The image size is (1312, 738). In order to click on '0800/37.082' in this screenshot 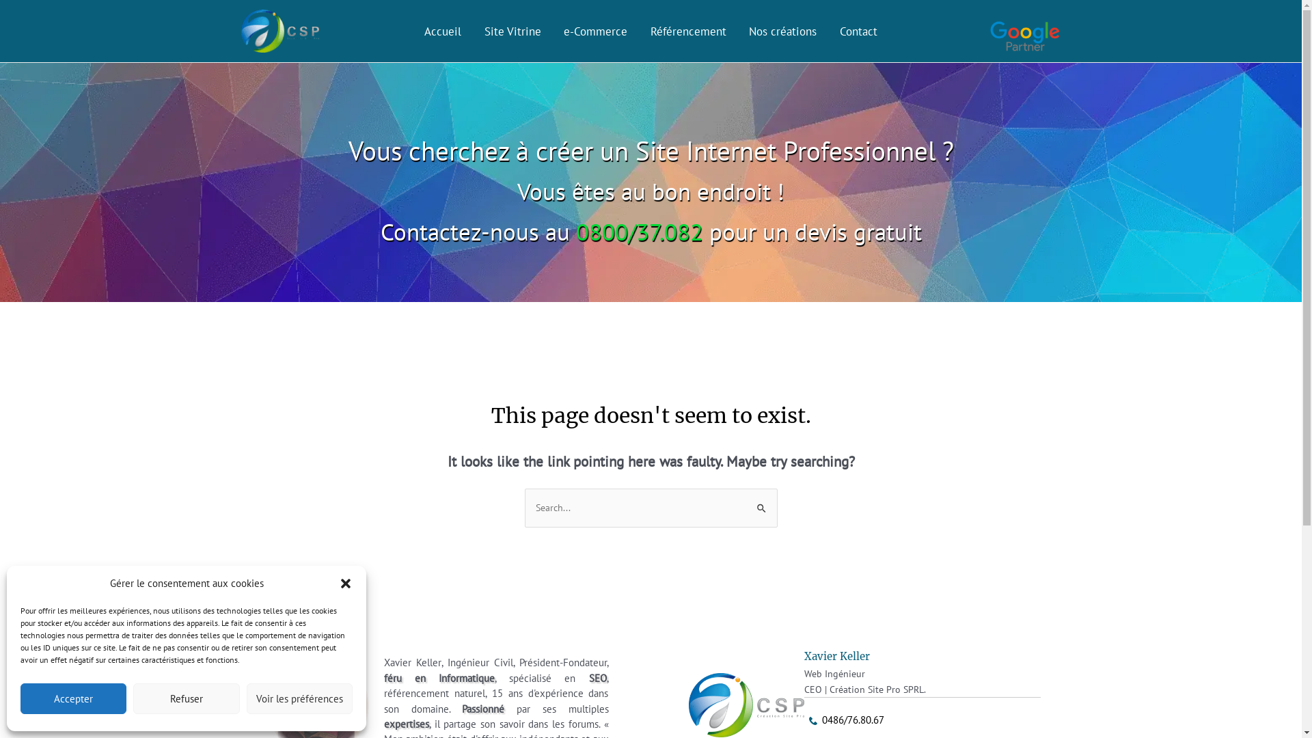, I will do `click(638, 231)`.